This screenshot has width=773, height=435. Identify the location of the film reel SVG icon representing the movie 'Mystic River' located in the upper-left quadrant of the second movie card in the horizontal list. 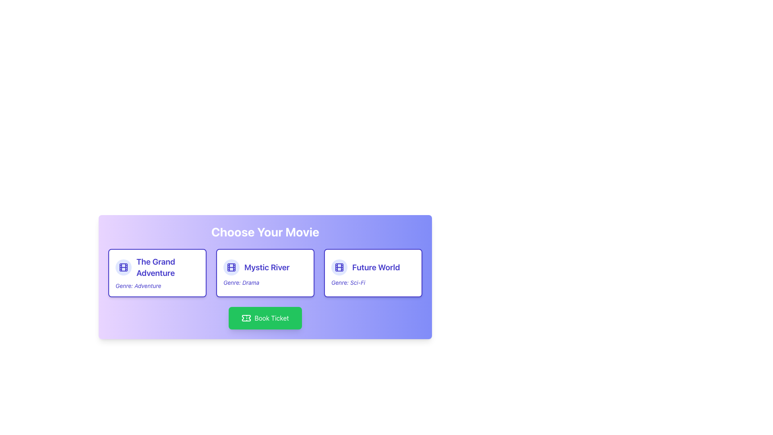
(231, 267).